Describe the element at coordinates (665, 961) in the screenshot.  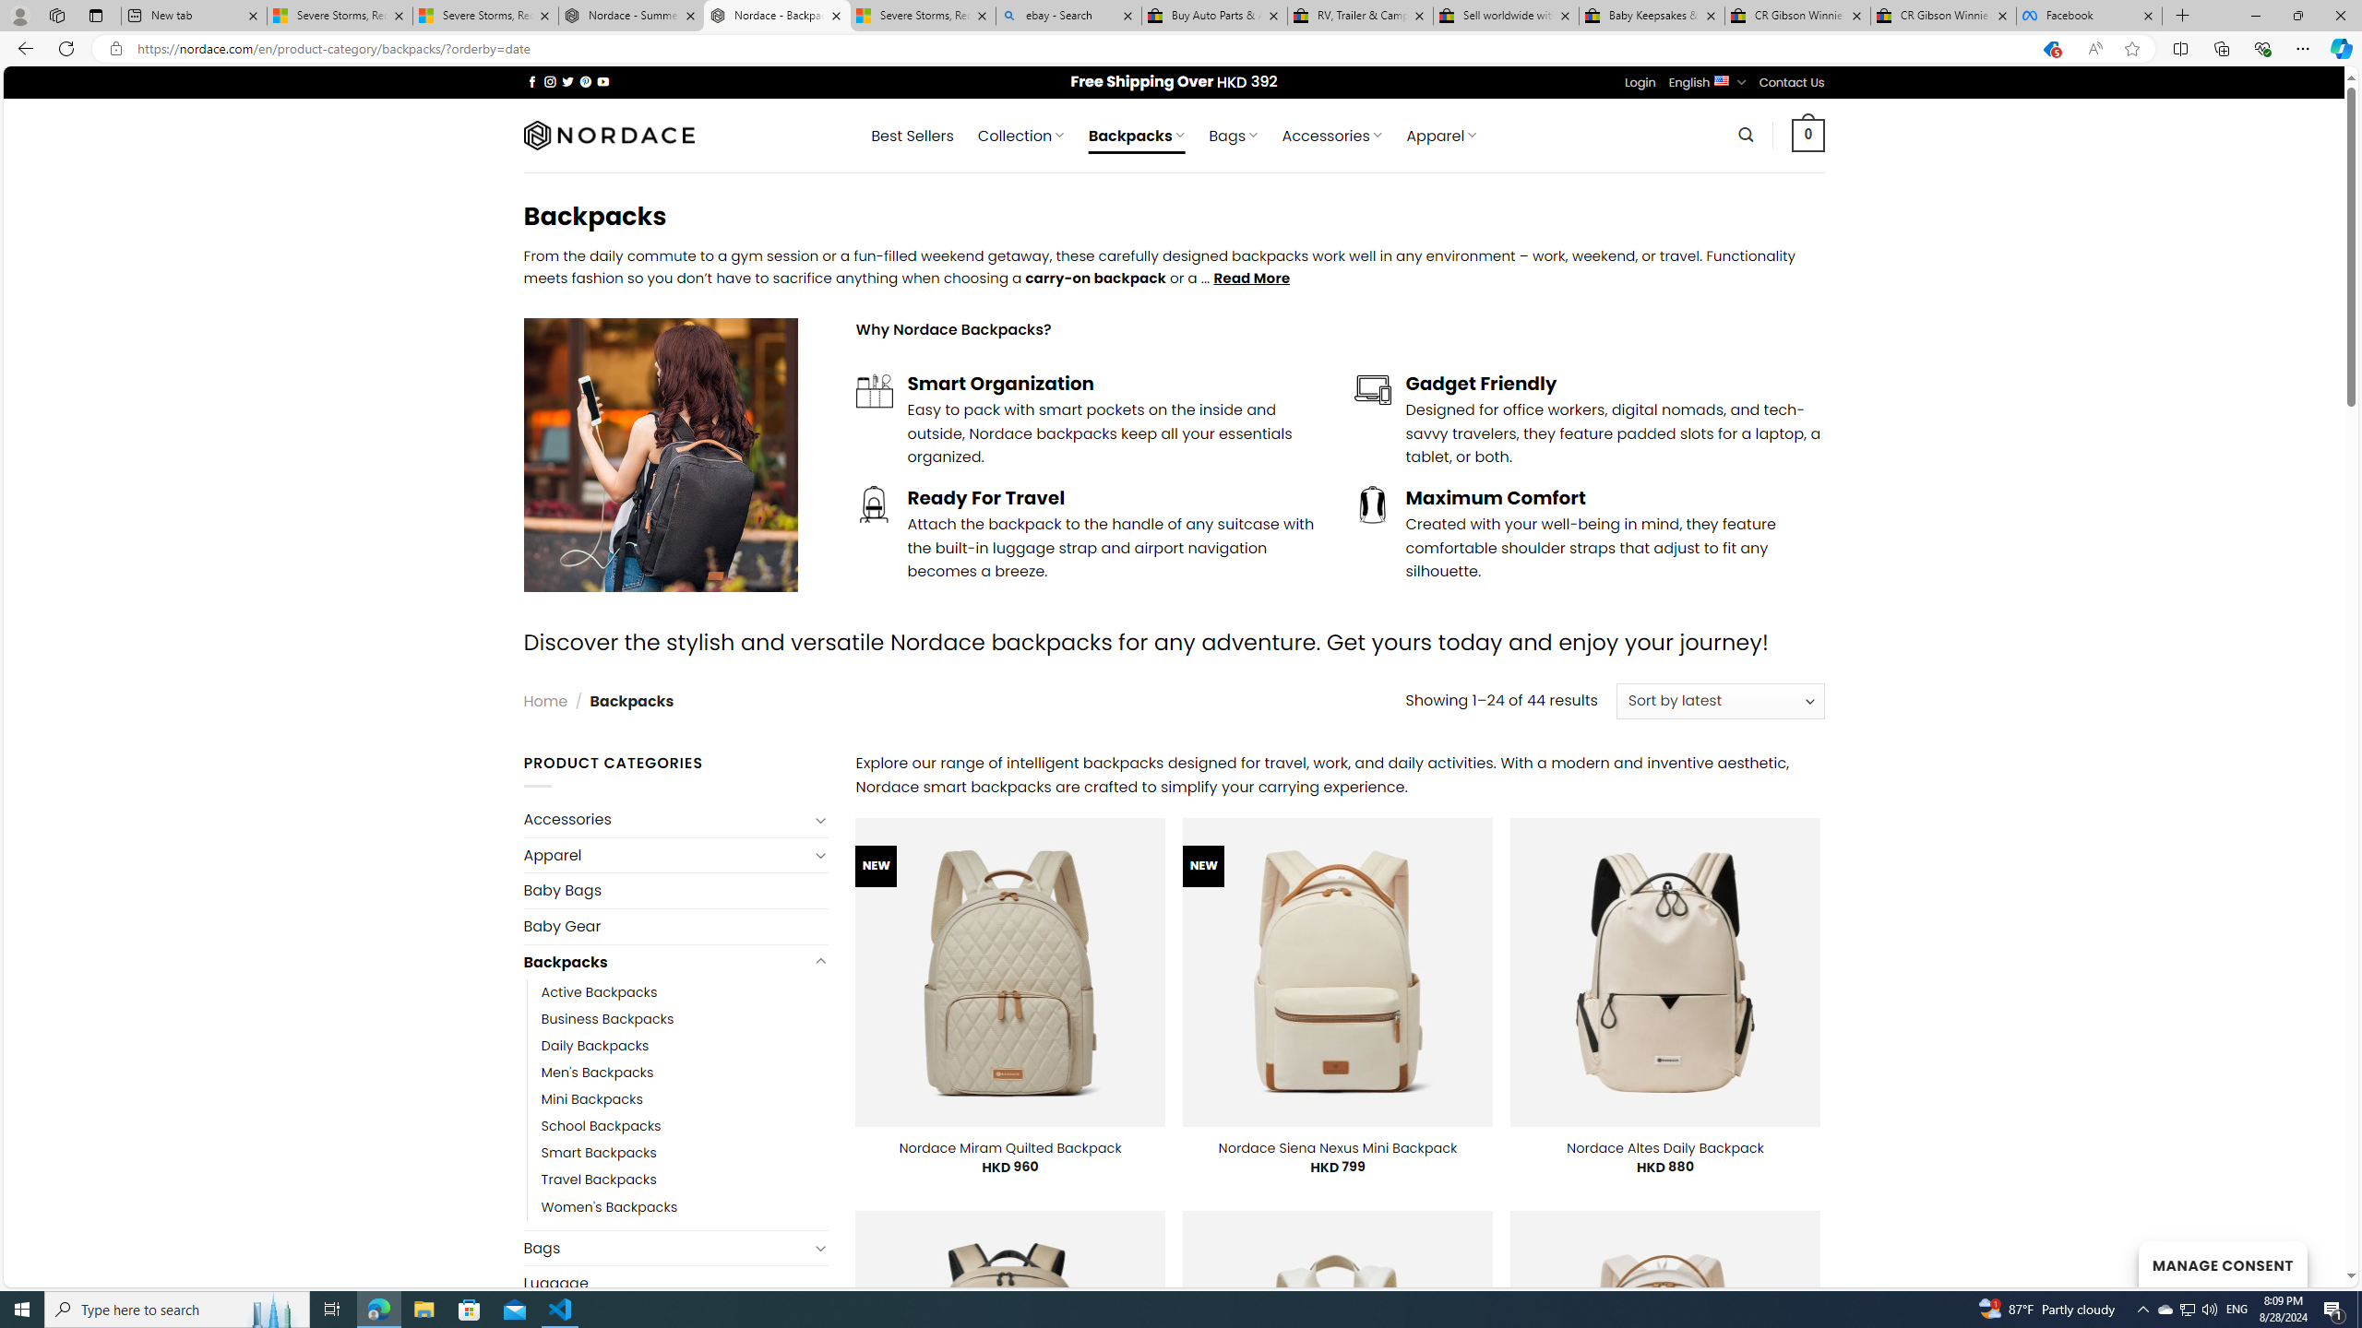
I see `'Backpacks'` at that location.